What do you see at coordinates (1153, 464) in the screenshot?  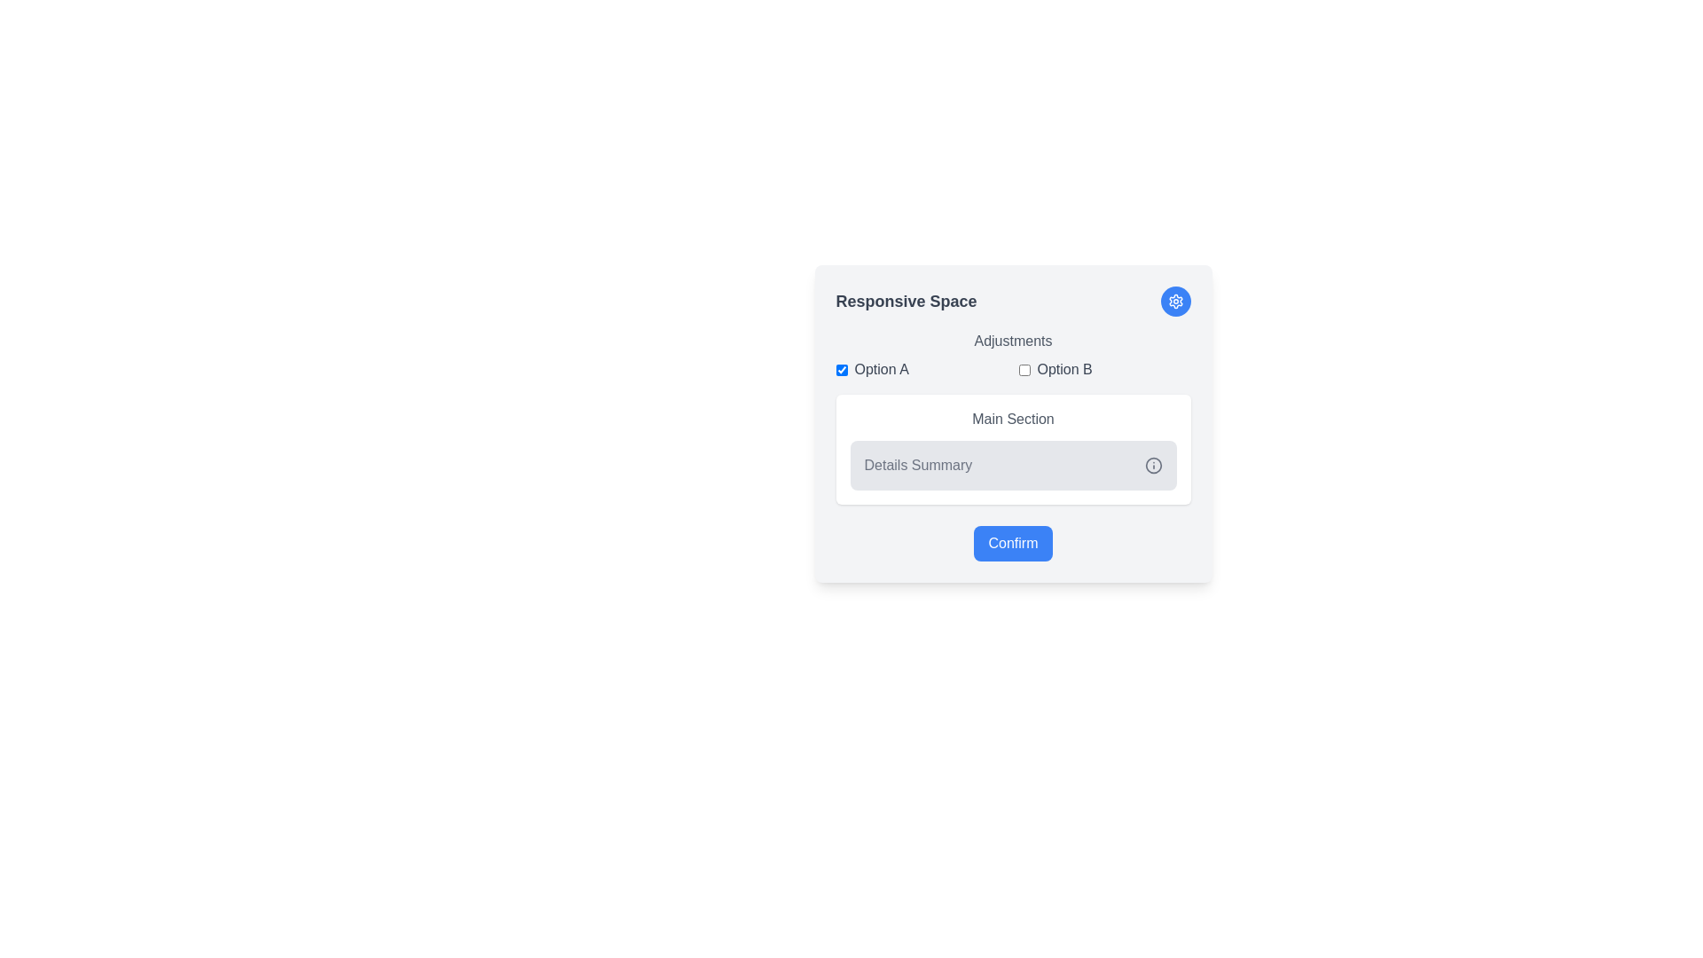 I see `the circular SVG component that serves as the outer shape of the 'info' icon located in the bottom-right corner of the 'Details Summary' input area` at bounding box center [1153, 464].